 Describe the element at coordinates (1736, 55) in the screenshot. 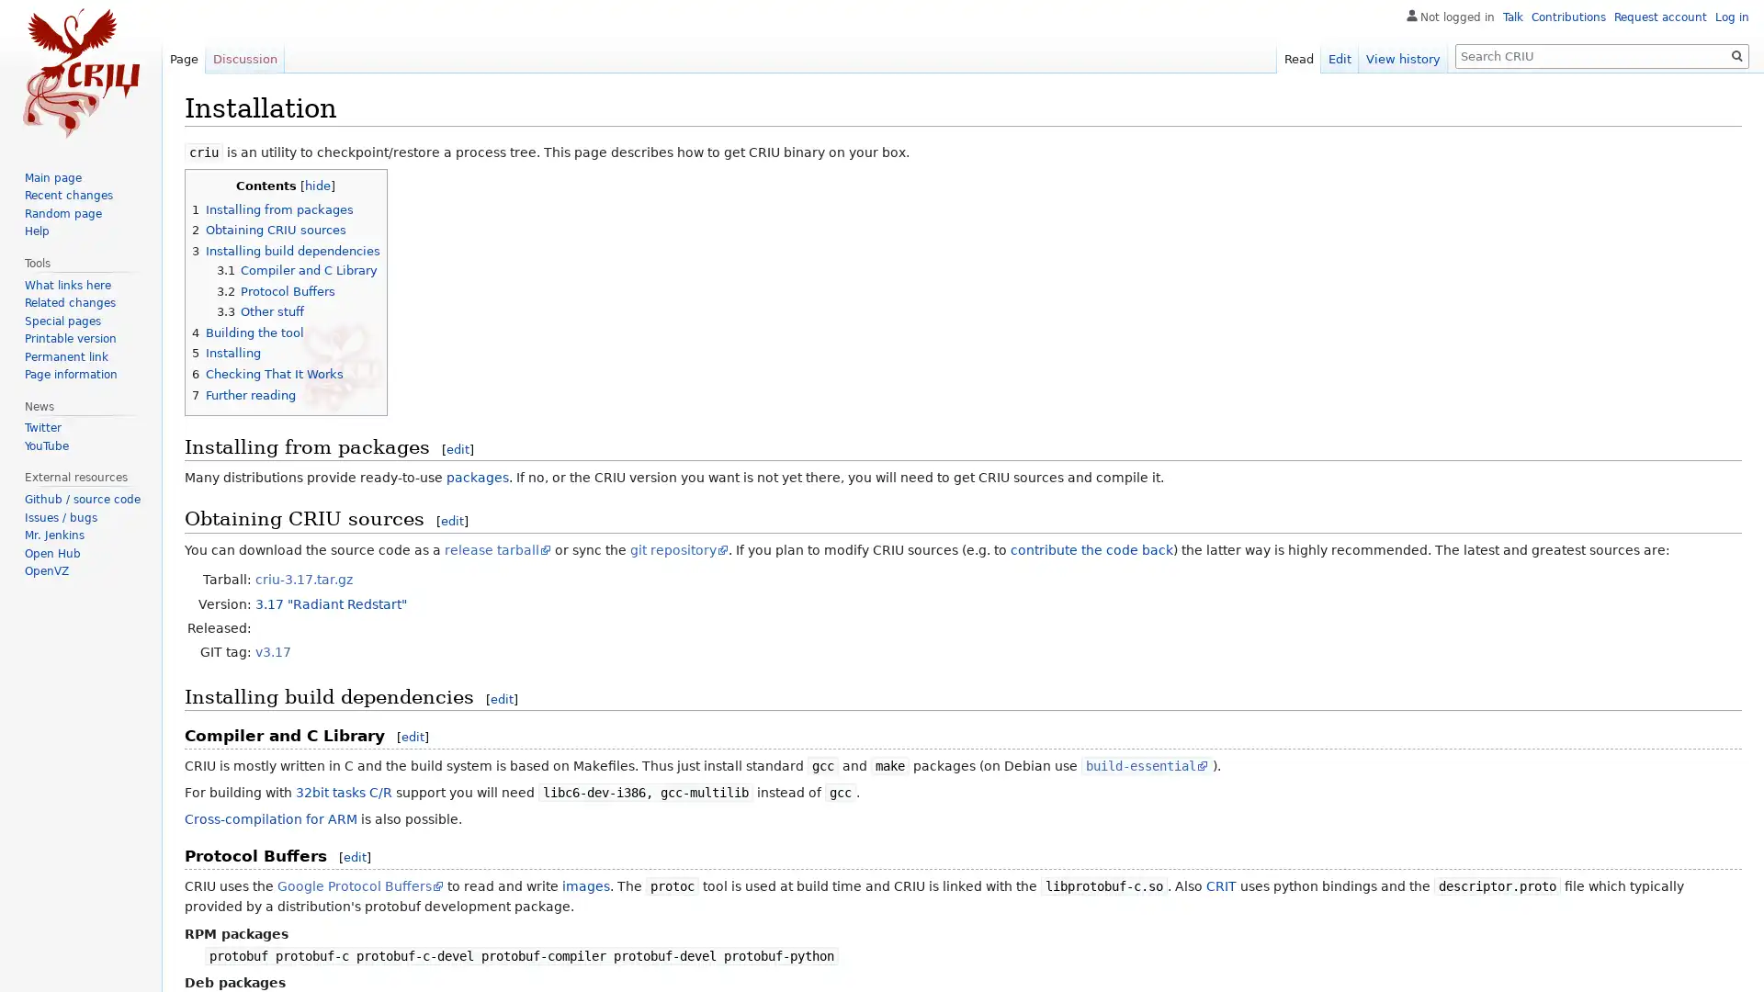

I see `Go` at that location.